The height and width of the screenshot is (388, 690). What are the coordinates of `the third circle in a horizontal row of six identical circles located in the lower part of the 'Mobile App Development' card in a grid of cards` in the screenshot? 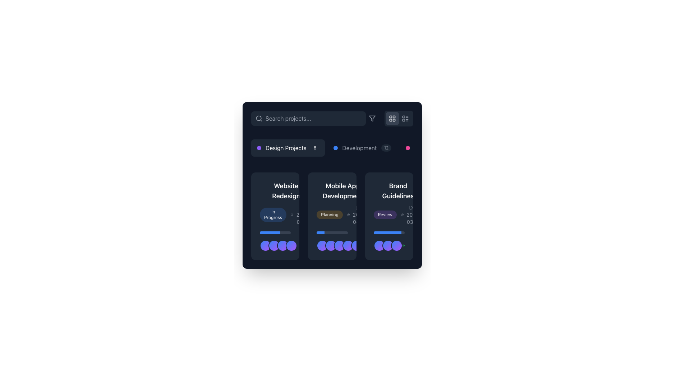 It's located at (339, 245).